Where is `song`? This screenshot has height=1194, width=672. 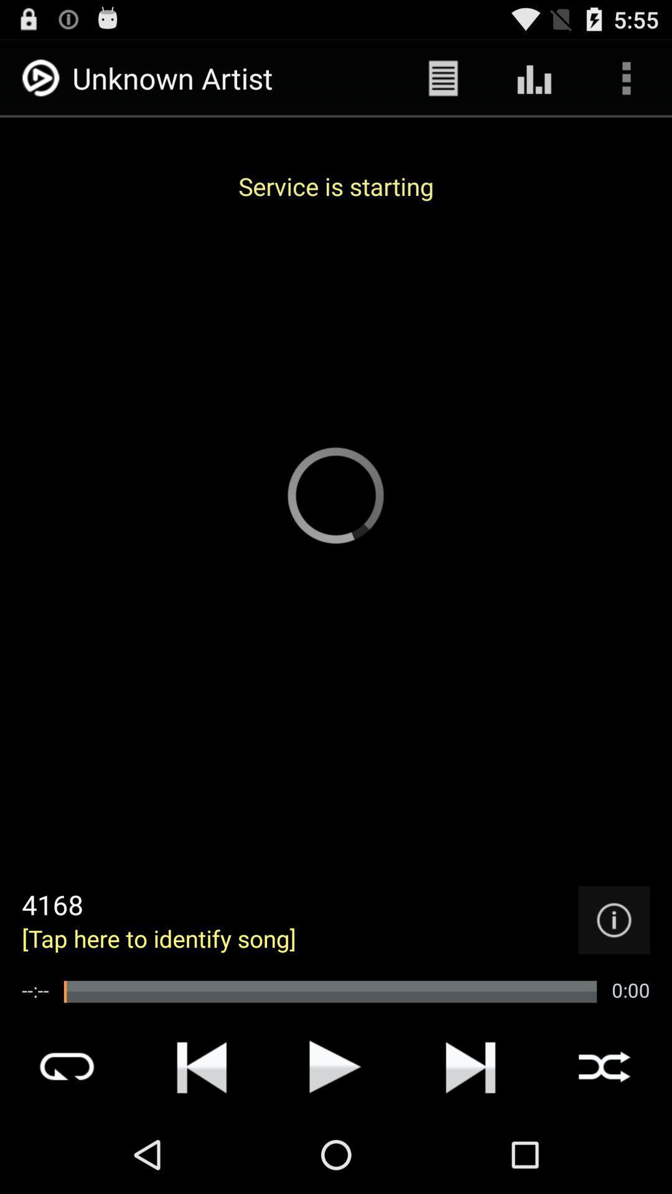 song is located at coordinates (335, 1066).